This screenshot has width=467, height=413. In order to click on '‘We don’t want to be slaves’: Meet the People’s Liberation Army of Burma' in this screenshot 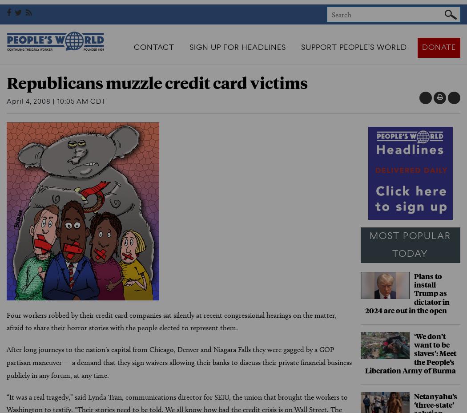, I will do `click(410, 352)`.